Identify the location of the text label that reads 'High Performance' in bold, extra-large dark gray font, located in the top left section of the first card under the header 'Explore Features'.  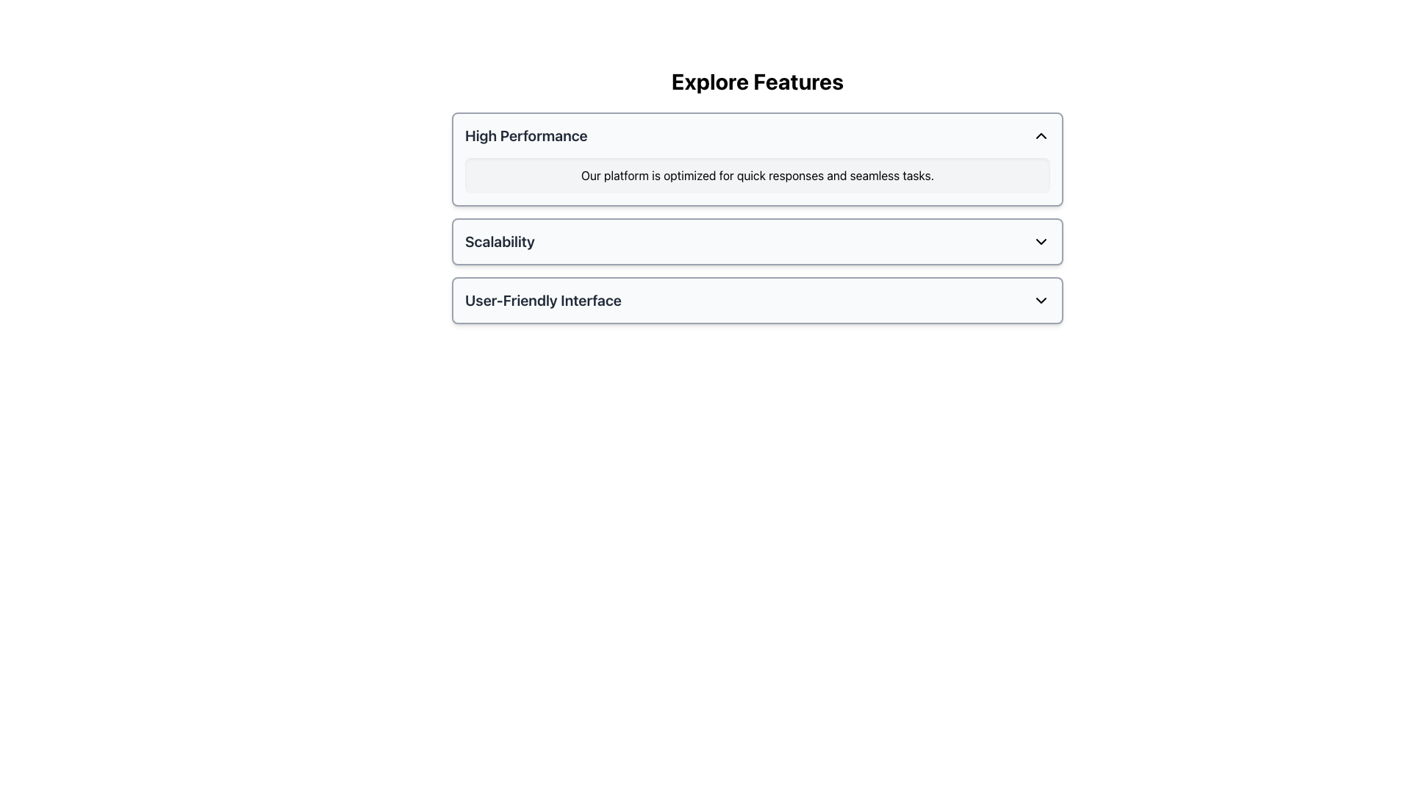
(526, 136).